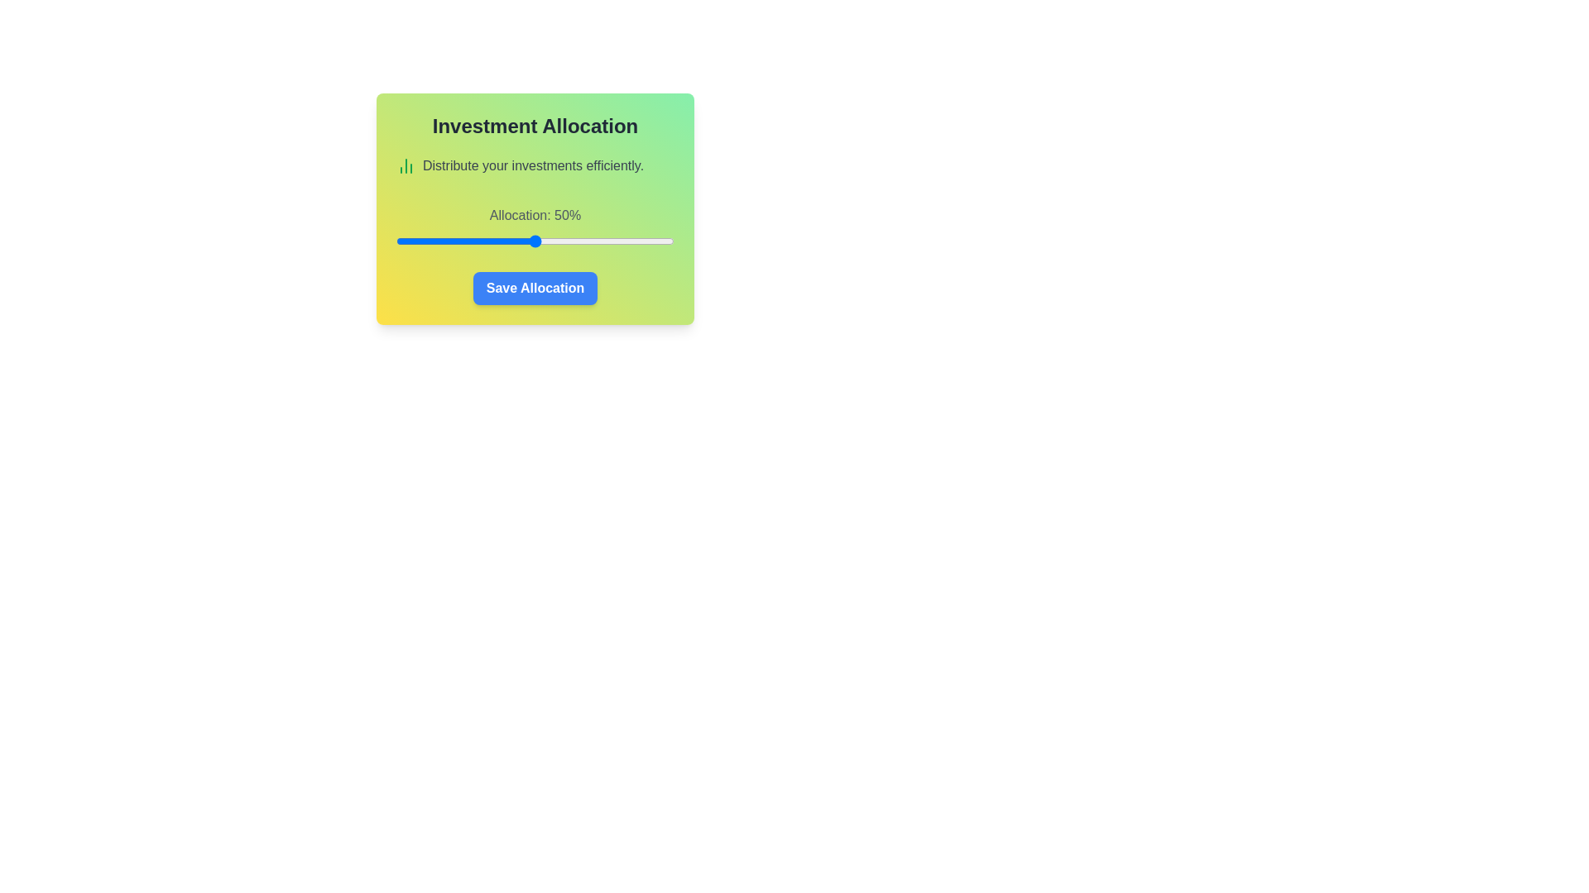  What do you see at coordinates (637, 241) in the screenshot?
I see `the investment allocation slider to 87%` at bounding box center [637, 241].